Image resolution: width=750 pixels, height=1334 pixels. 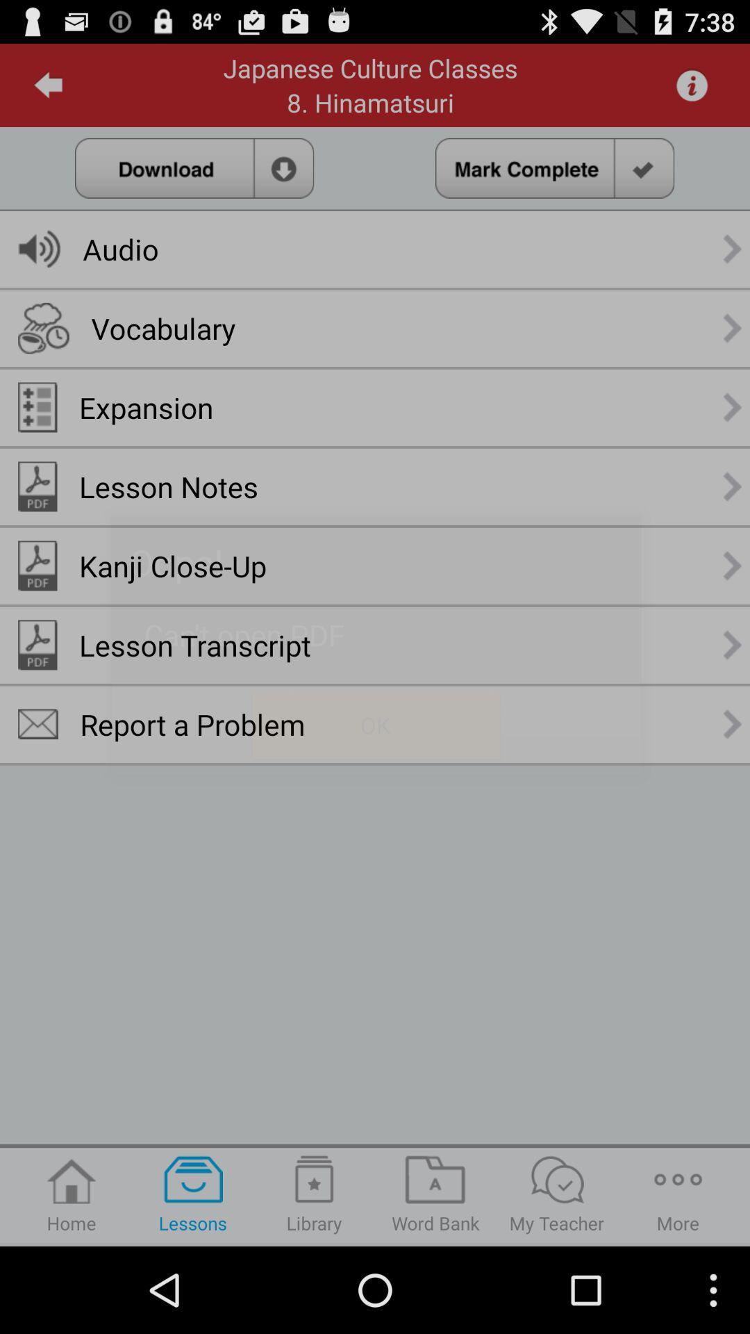 I want to click on the item above kanji close-up app, so click(x=168, y=486).